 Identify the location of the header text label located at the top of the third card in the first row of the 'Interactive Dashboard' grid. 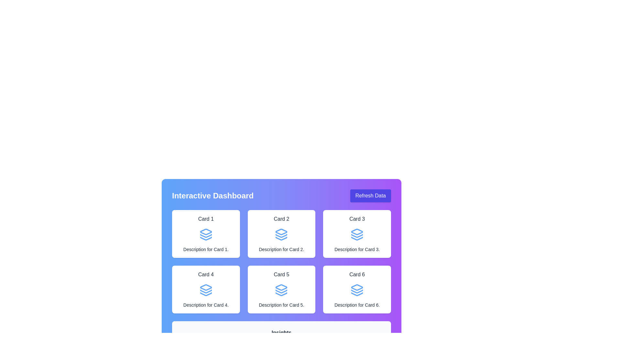
(357, 219).